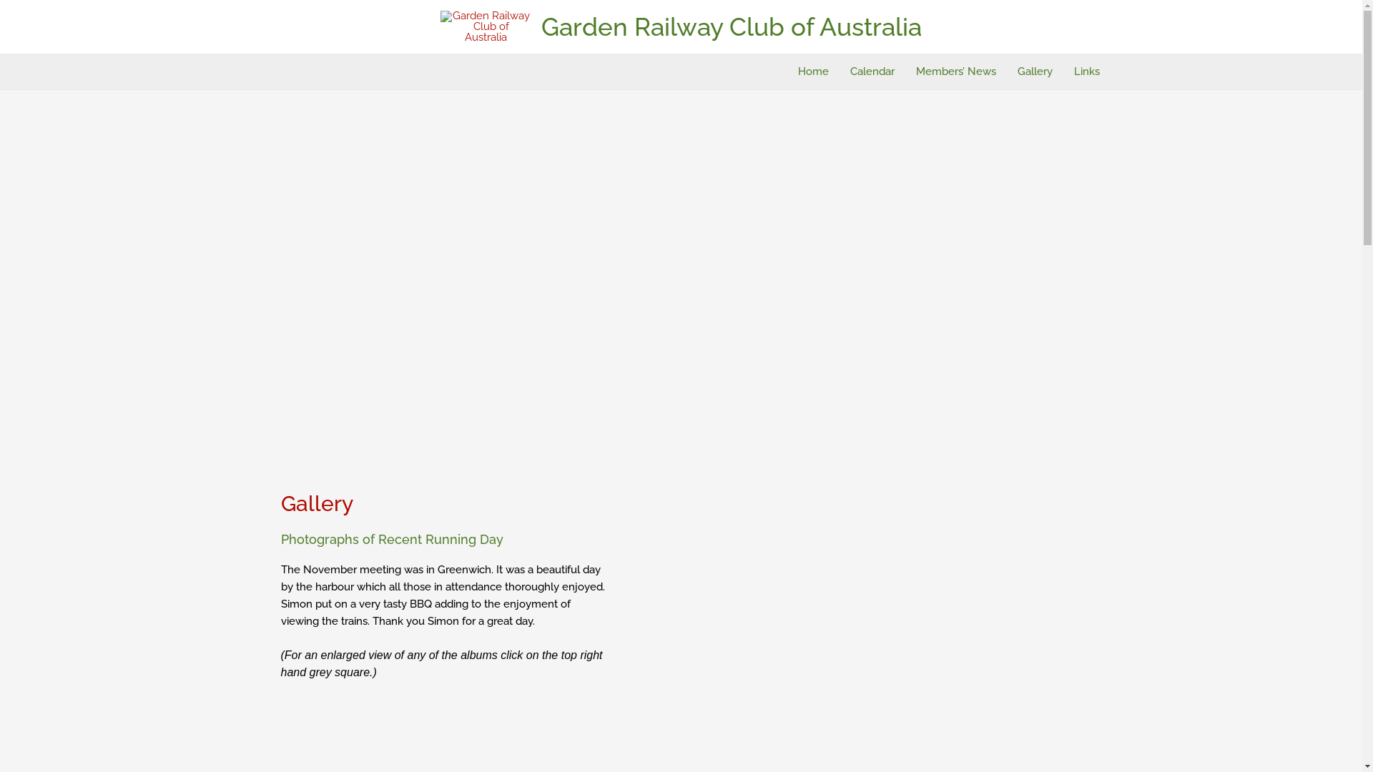 Image resolution: width=1373 pixels, height=772 pixels. Describe the element at coordinates (840, 71) in the screenshot. I see `'Calendar'` at that location.